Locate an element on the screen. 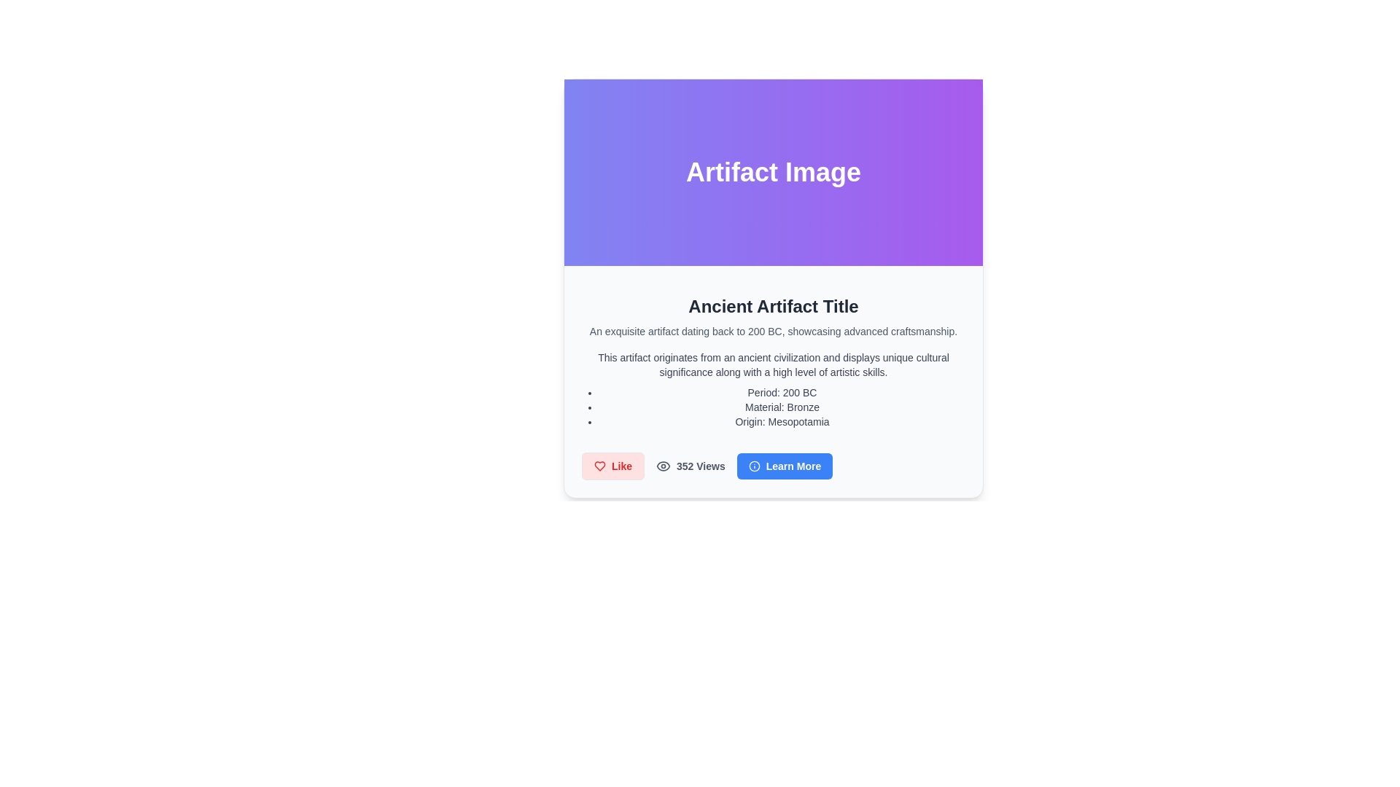  the heart-shaped SVG icon that is part of the 'Like' button, located near the bottom left section of the interface is located at coordinates (599, 466).